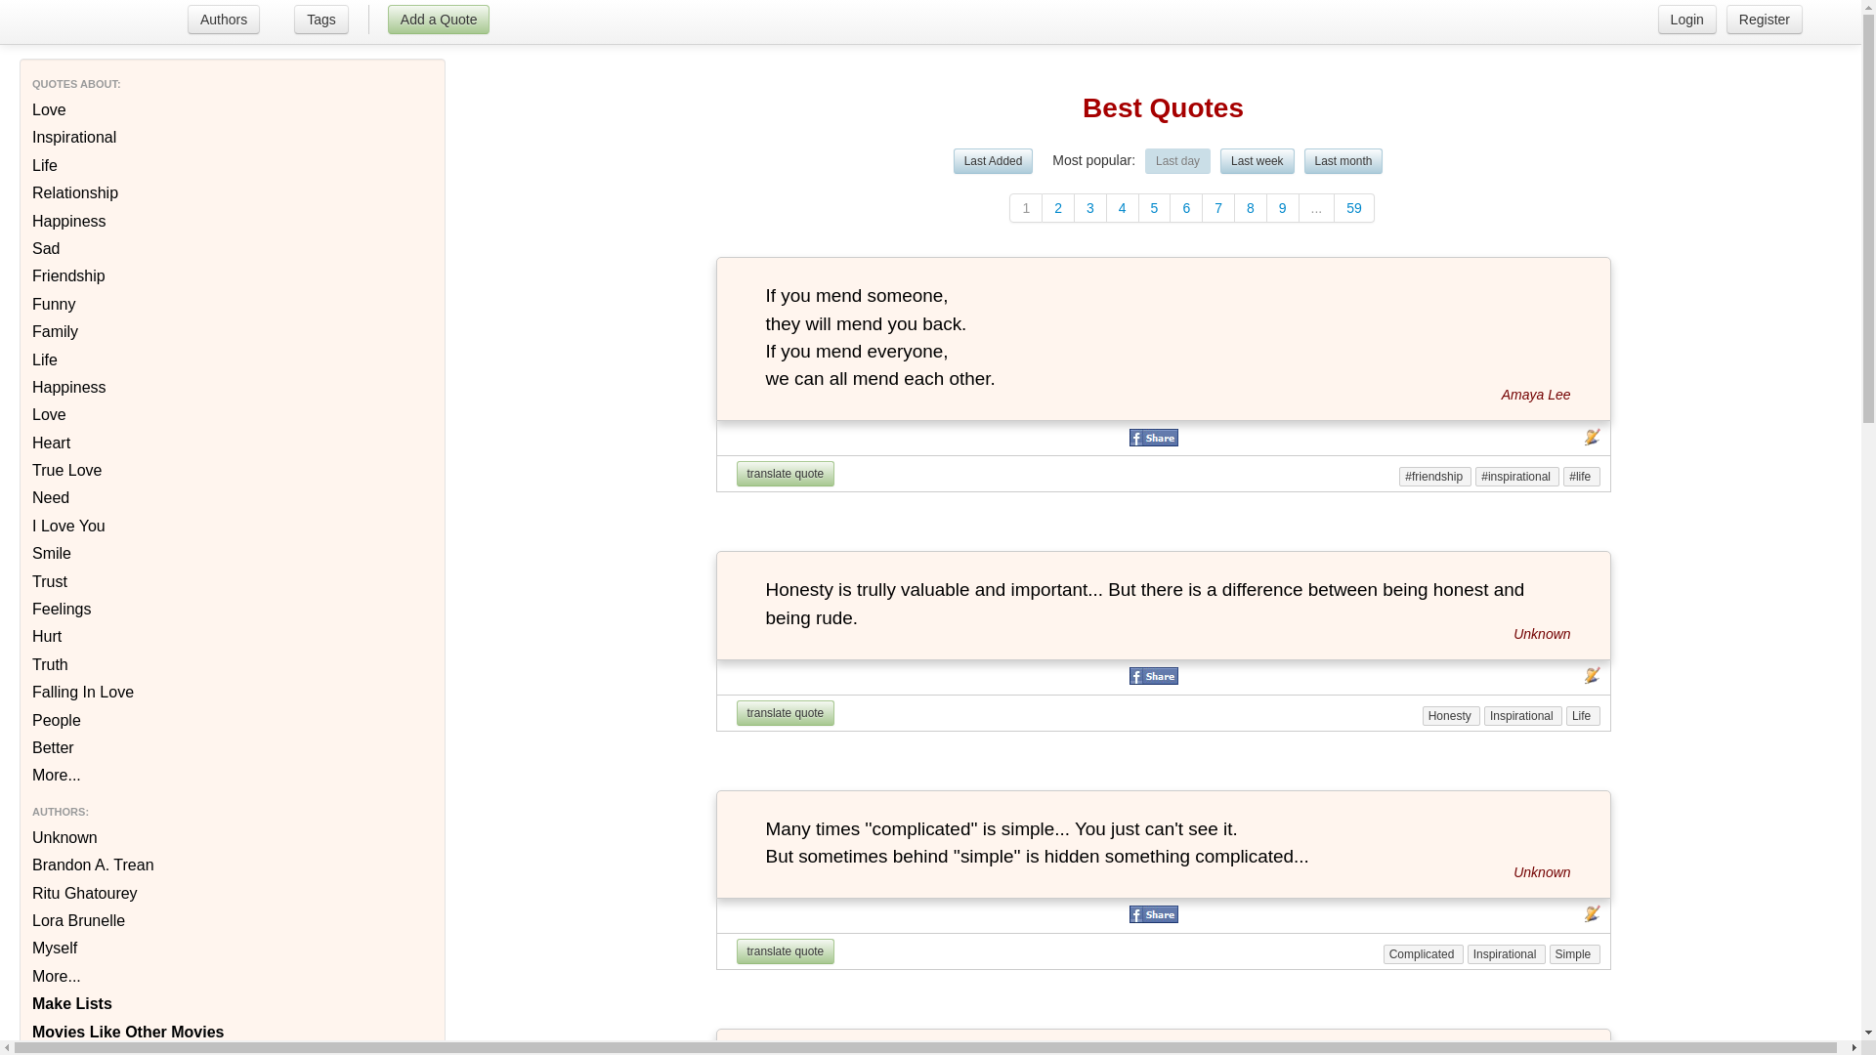  Describe the element at coordinates (1575, 952) in the screenshot. I see `'Simple '` at that location.